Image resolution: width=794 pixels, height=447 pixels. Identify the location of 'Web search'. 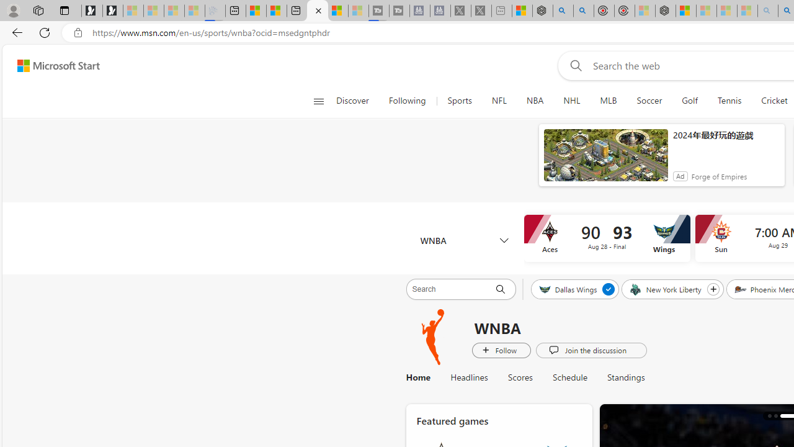
(573, 65).